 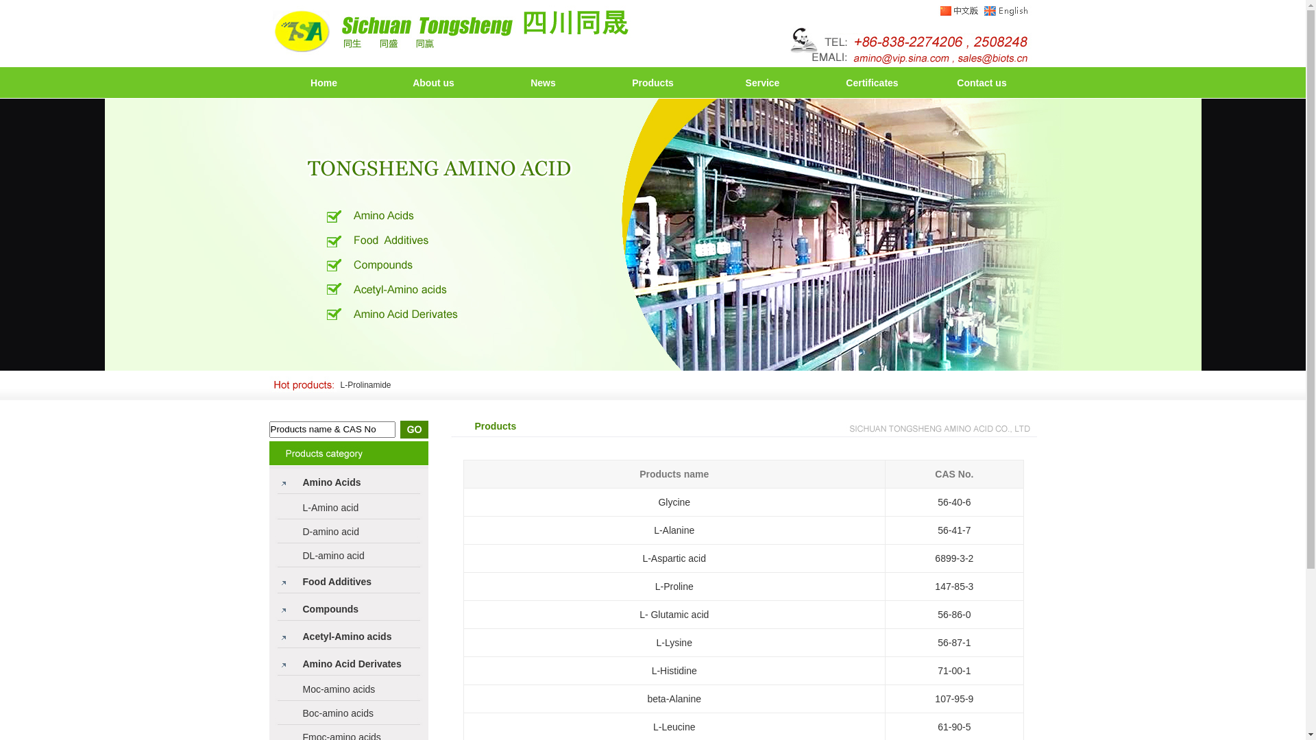 What do you see at coordinates (980, 82) in the screenshot?
I see `'Contact us'` at bounding box center [980, 82].